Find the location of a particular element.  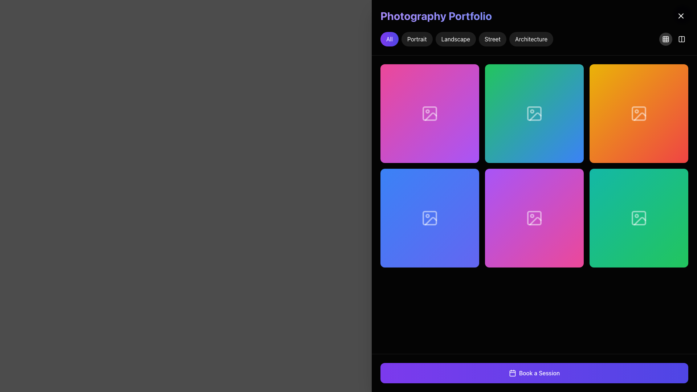

the Placeholder icon located in the top-left square of a grid tile, which represents an image placeholder for potential content is located at coordinates (430, 113).